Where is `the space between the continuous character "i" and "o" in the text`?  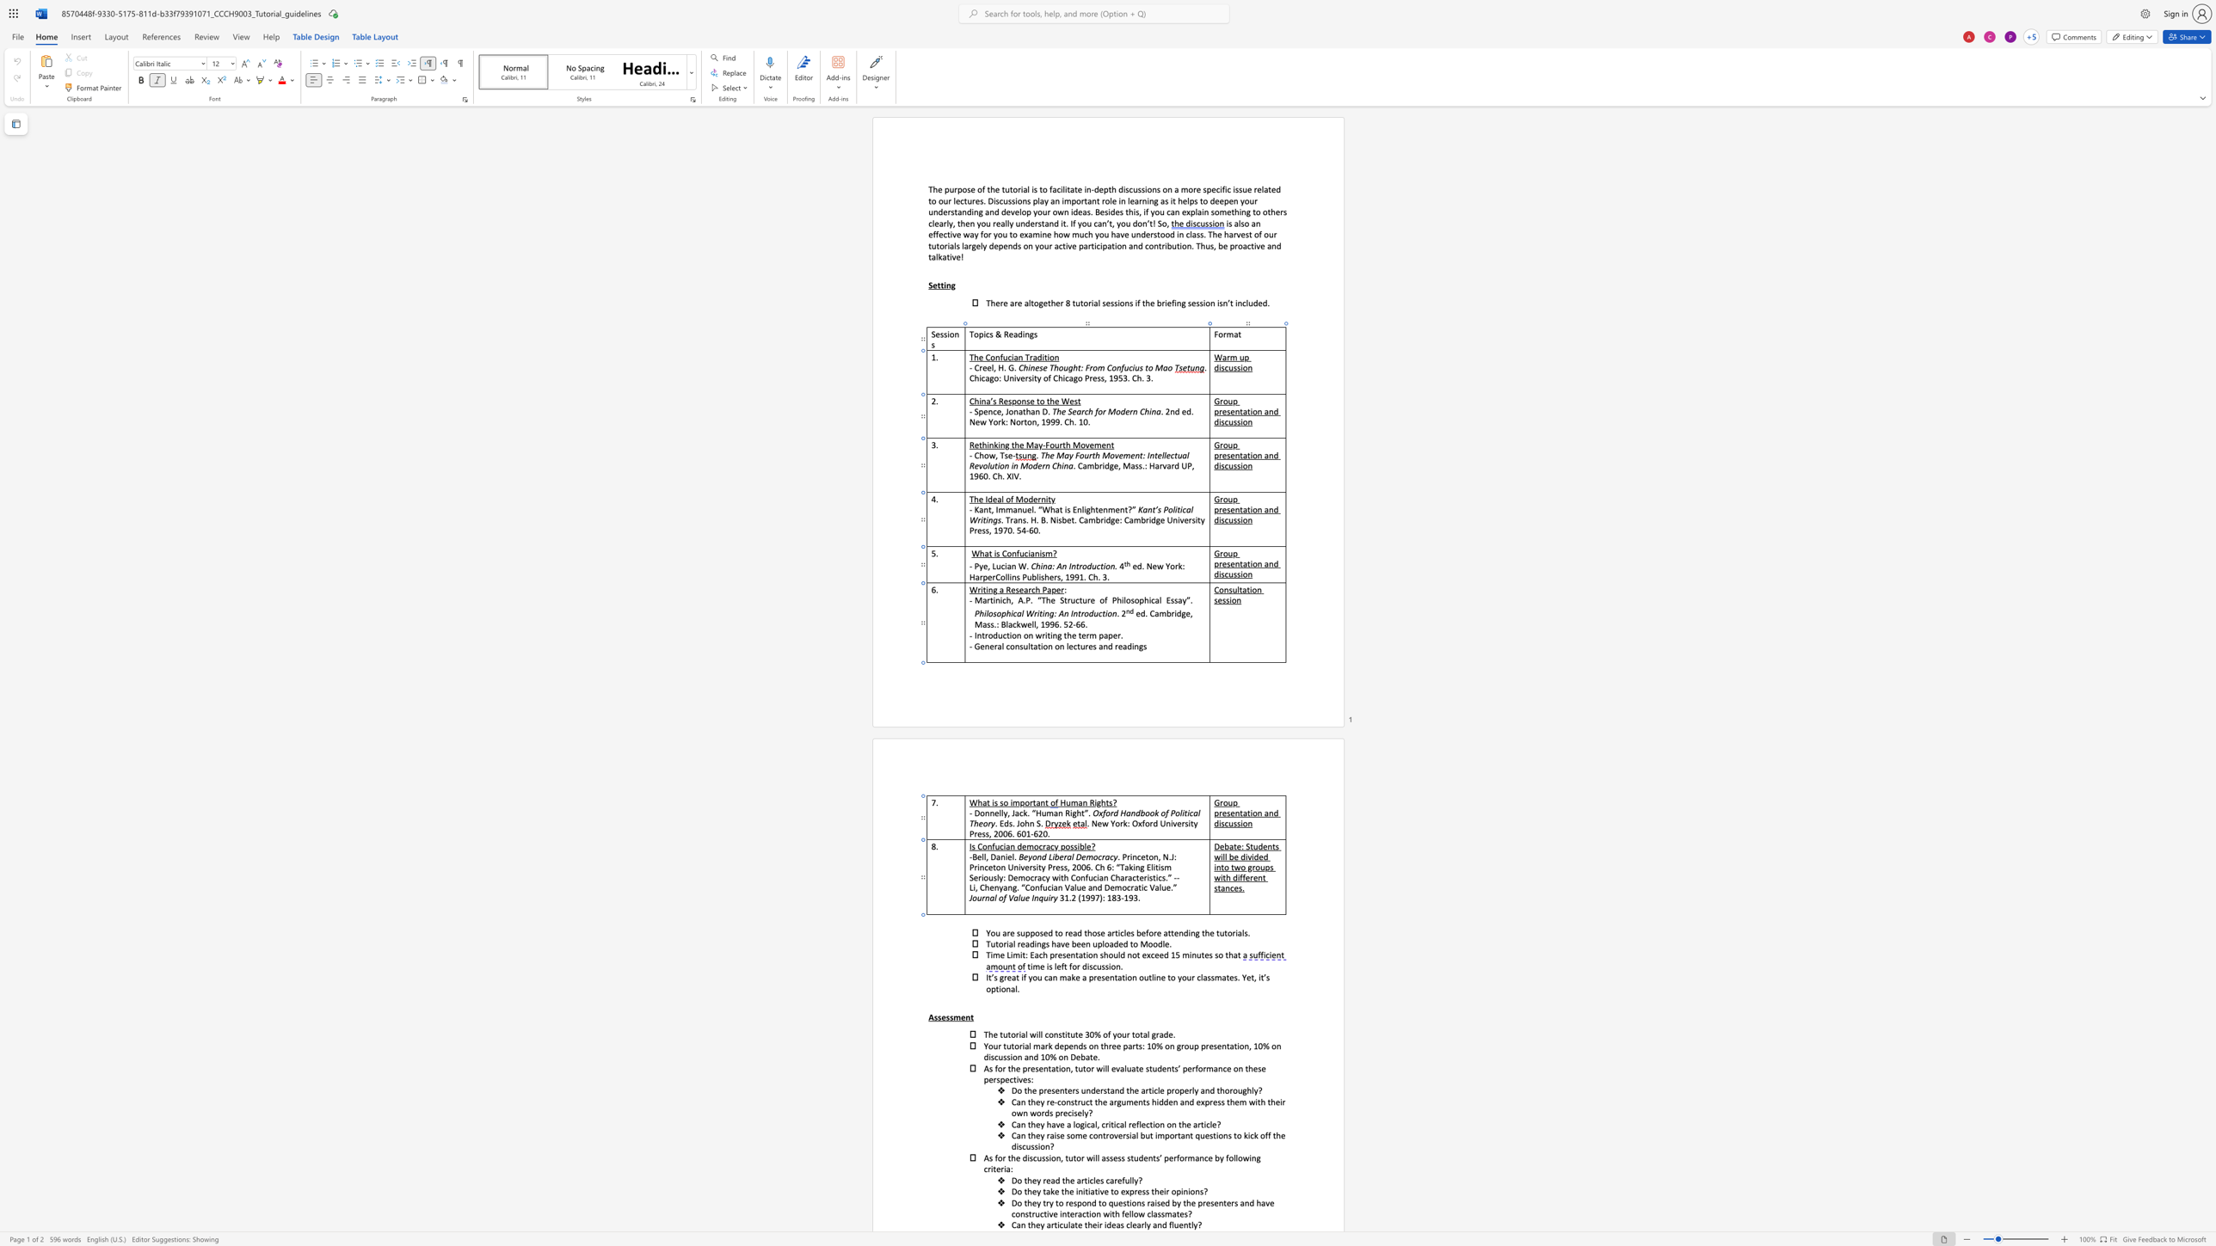 the space between the continuous character "i" and "o" in the text is located at coordinates (982, 877).